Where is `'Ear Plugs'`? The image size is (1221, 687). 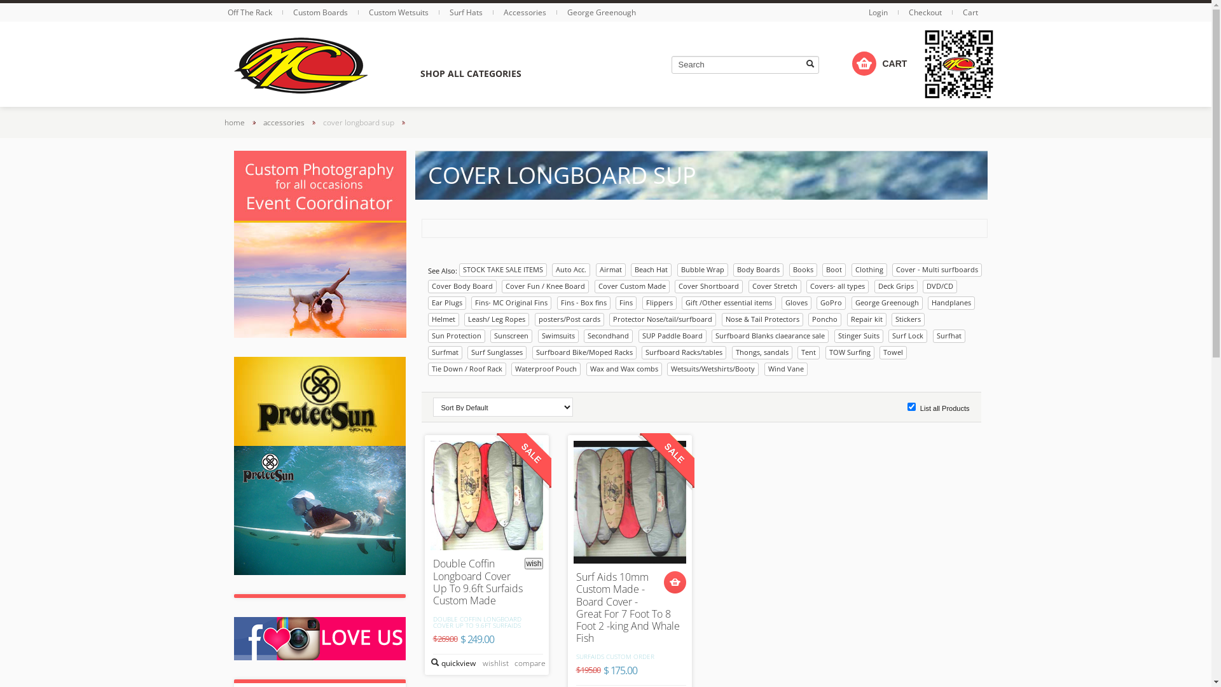 'Ear Plugs' is located at coordinates (446, 303).